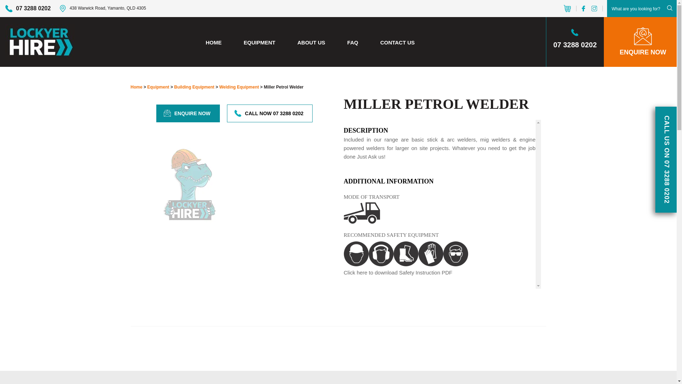 Image resolution: width=682 pixels, height=384 pixels. What do you see at coordinates (669, 8) in the screenshot?
I see `'Submit'` at bounding box center [669, 8].